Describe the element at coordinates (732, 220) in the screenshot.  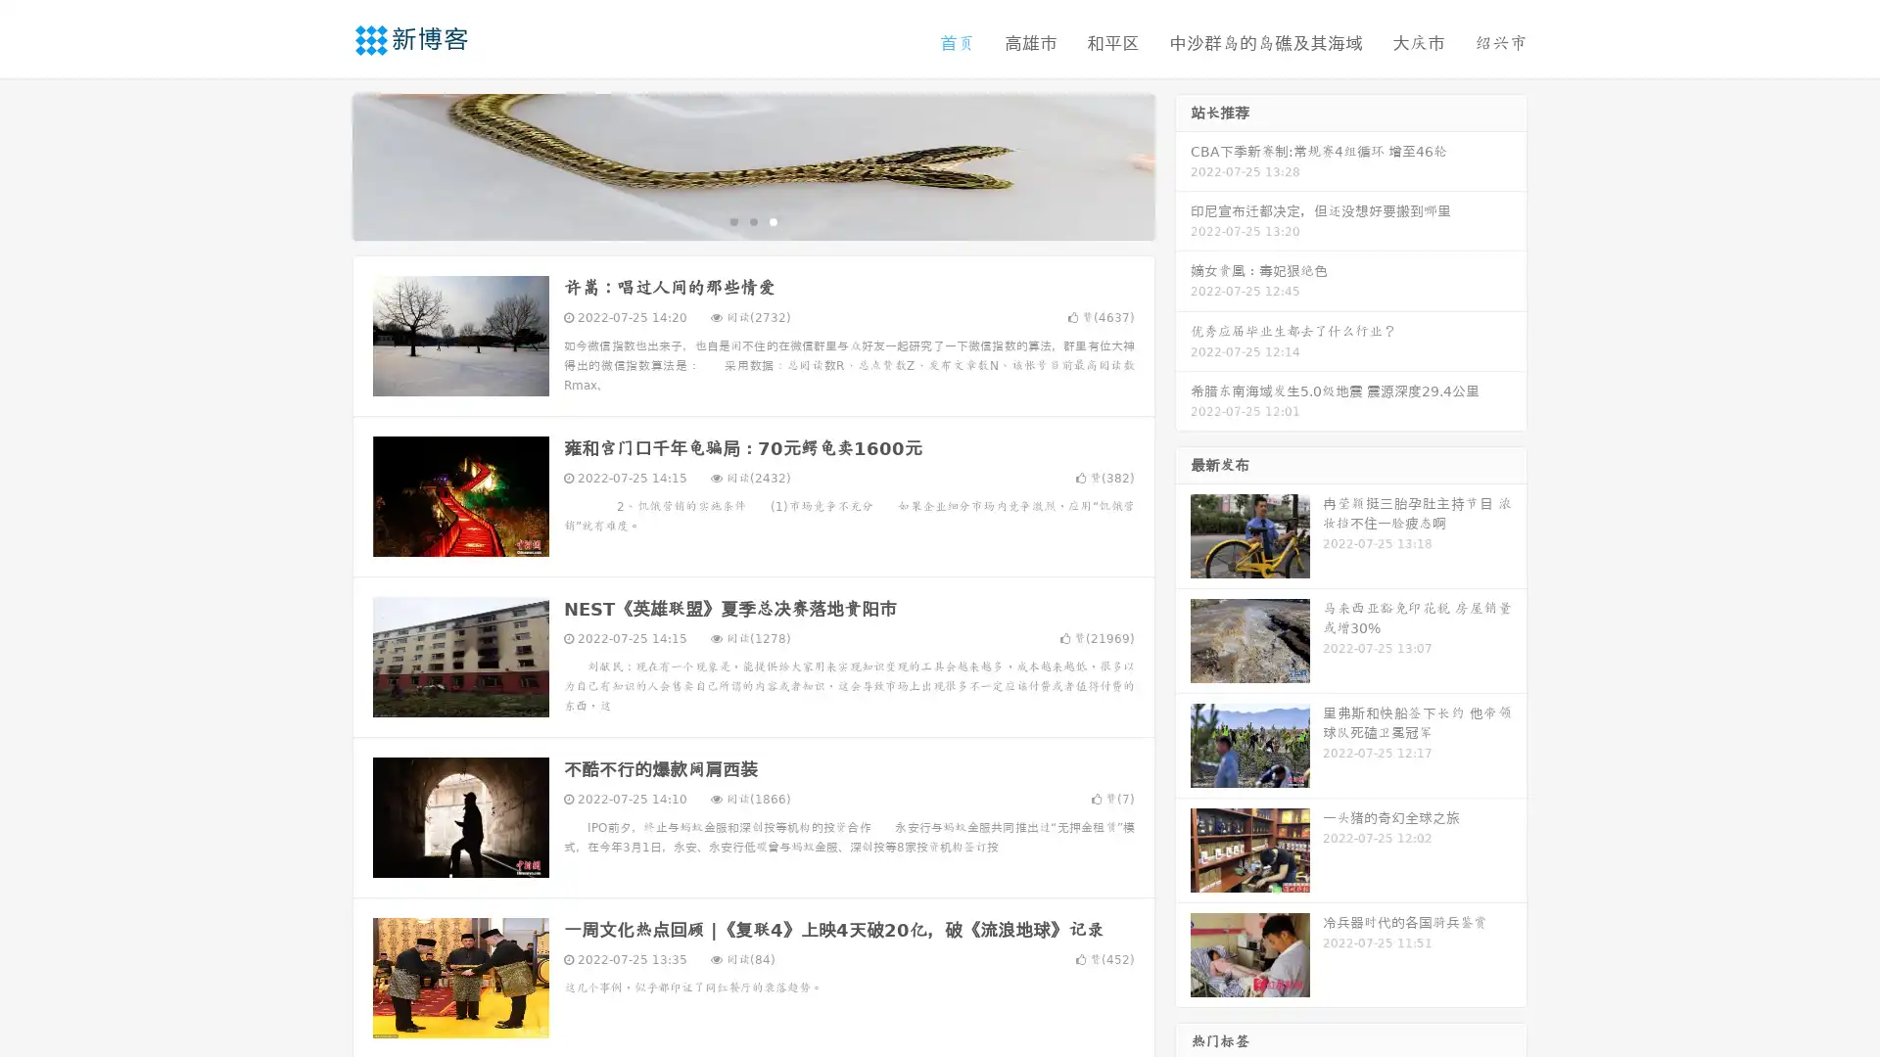
I see `Go to slide 1` at that location.